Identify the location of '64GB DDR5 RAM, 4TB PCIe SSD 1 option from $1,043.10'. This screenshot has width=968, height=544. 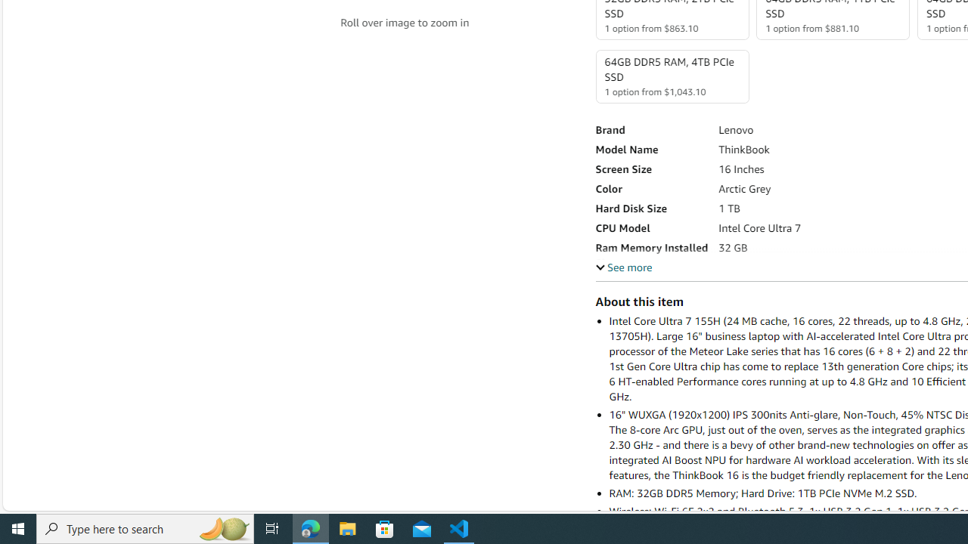
(671, 76).